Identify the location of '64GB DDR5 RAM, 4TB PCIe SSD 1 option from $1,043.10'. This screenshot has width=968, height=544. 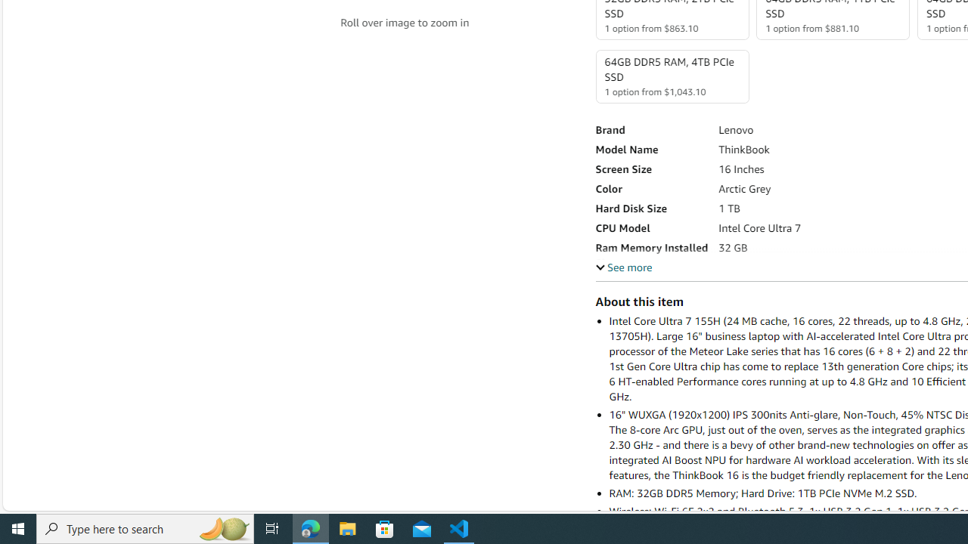
(671, 76).